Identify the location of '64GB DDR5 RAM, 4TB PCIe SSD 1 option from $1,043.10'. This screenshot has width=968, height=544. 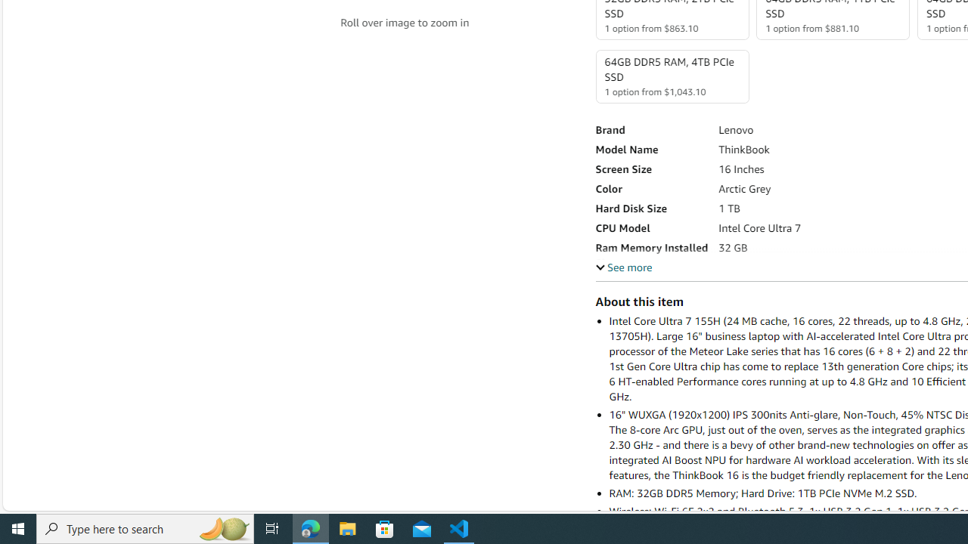
(671, 76).